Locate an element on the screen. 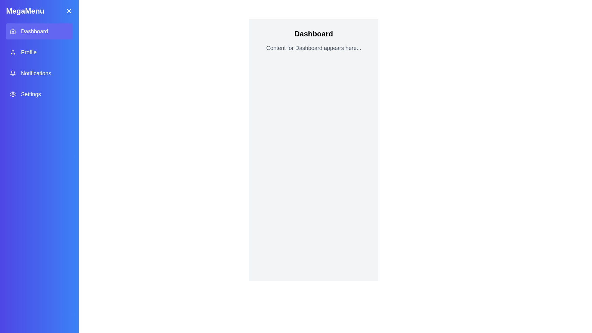  the 'Settings' text label located in the sidebar menu, which is positioned in the fourth row and aligns with the cogwheel icon is located at coordinates (31, 94).